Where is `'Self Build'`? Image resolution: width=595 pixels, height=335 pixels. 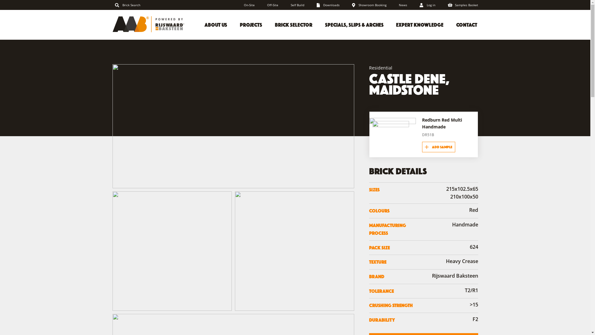 'Self Build' is located at coordinates (297, 5).